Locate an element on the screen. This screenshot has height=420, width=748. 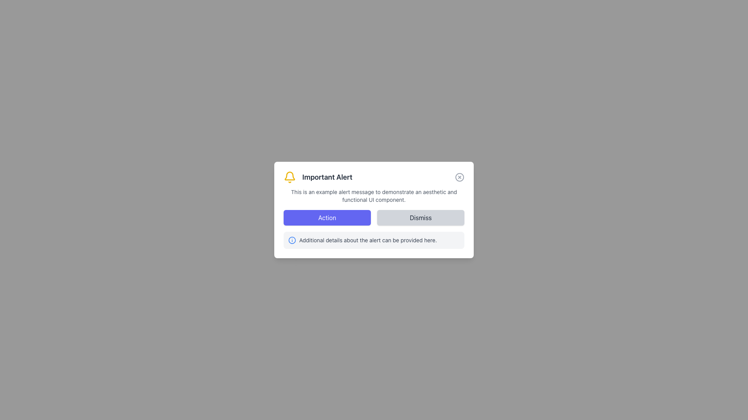
the text display element that contains the message: 'This is an example alert message to demonstrate an aesthetic and functional UI component.' positioned below the heading 'Important Alert' is located at coordinates (374, 196).